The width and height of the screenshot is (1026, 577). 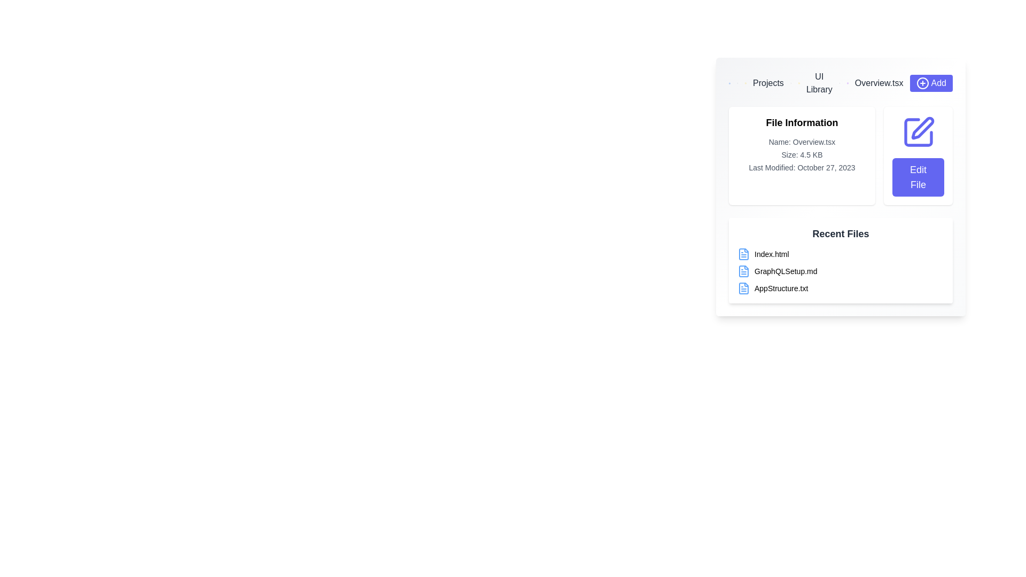 I want to click on the circular plus icon within the 'Add' button located at the top right corner of the interface, so click(x=922, y=82).